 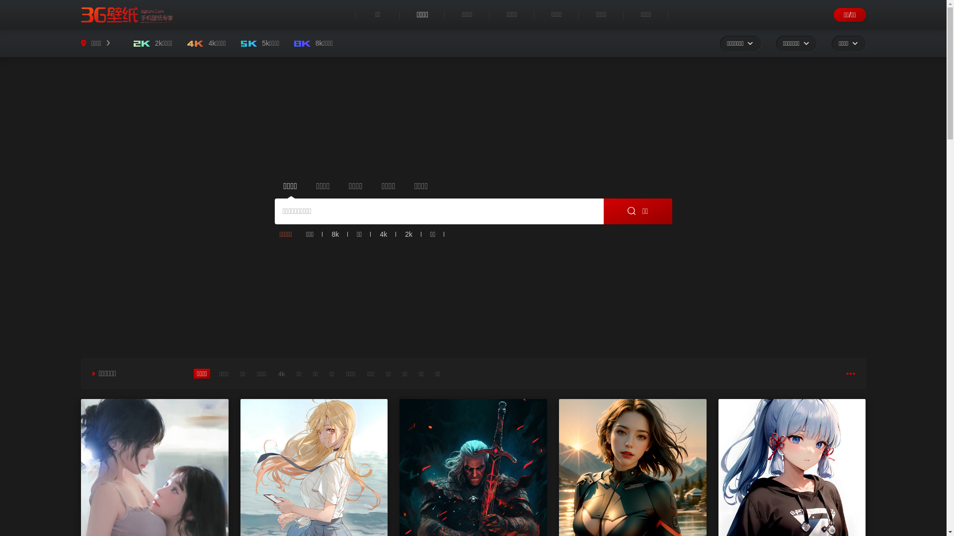 I want to click on '8k', so click(x=327, y=234).